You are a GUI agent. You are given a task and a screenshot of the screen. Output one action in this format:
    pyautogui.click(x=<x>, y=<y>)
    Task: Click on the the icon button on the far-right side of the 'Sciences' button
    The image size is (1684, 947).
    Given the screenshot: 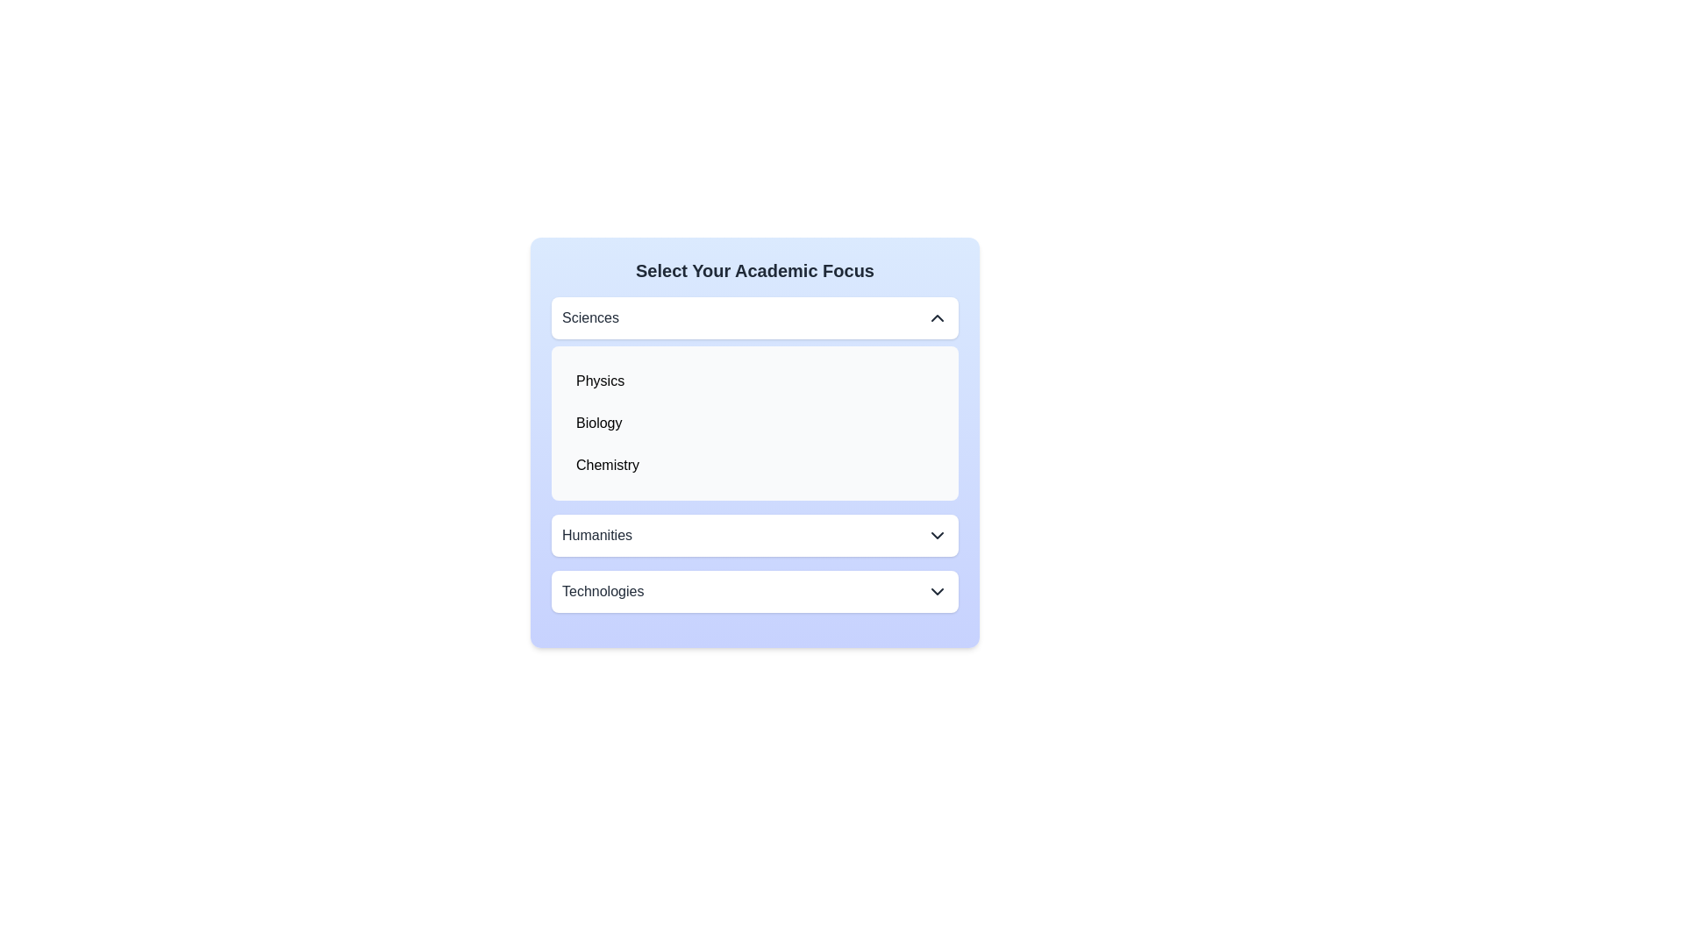 What is the action you would take?
    pyautogui.click(x=937, y=317)
    